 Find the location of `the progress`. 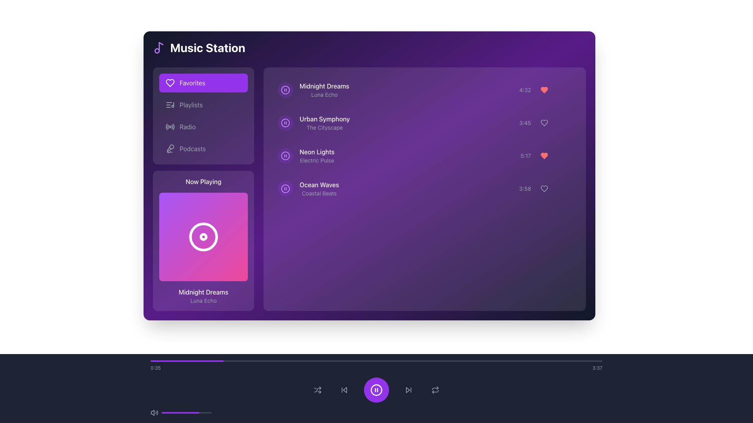

the progress is located at coordinates (193, 412).